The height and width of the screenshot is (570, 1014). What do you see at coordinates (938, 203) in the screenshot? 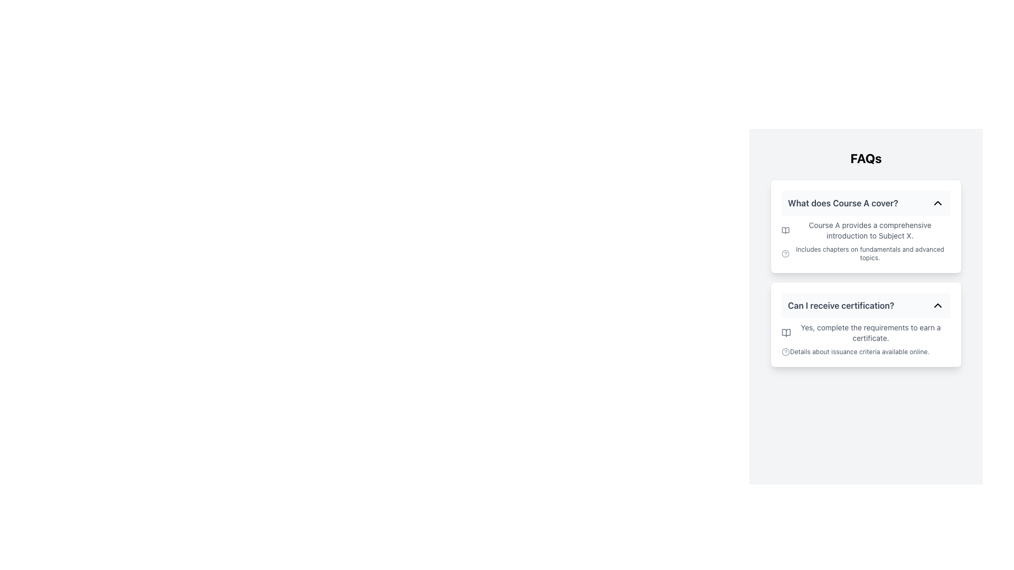
I see `the upward-pointing chevron arrow icon located at the top-right corner of the 'What does Course A cover?' box` at bounding box center [938, 203].